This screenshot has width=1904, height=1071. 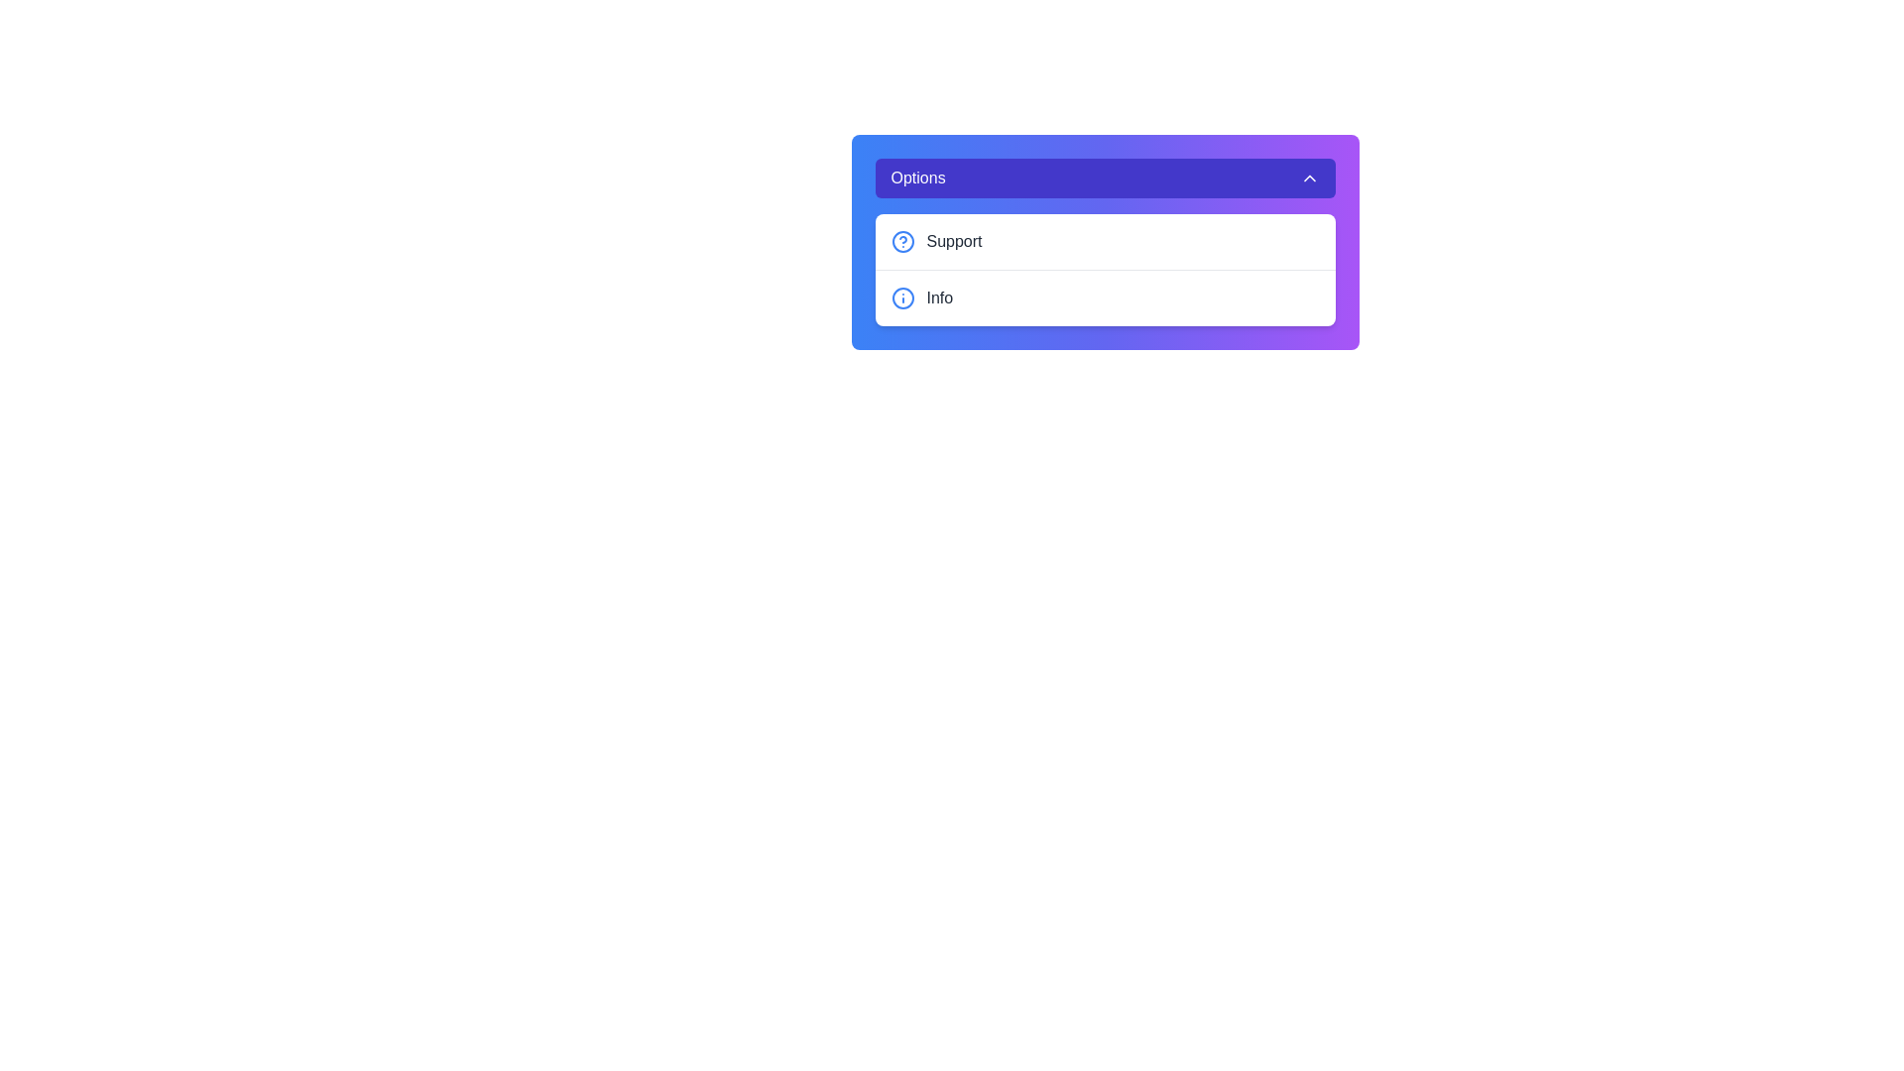 What do you see at coordinates (901, 240) in the screenshot?
I see `the visual icon for the 'Support' menu item` at bounding box center [901, 240].